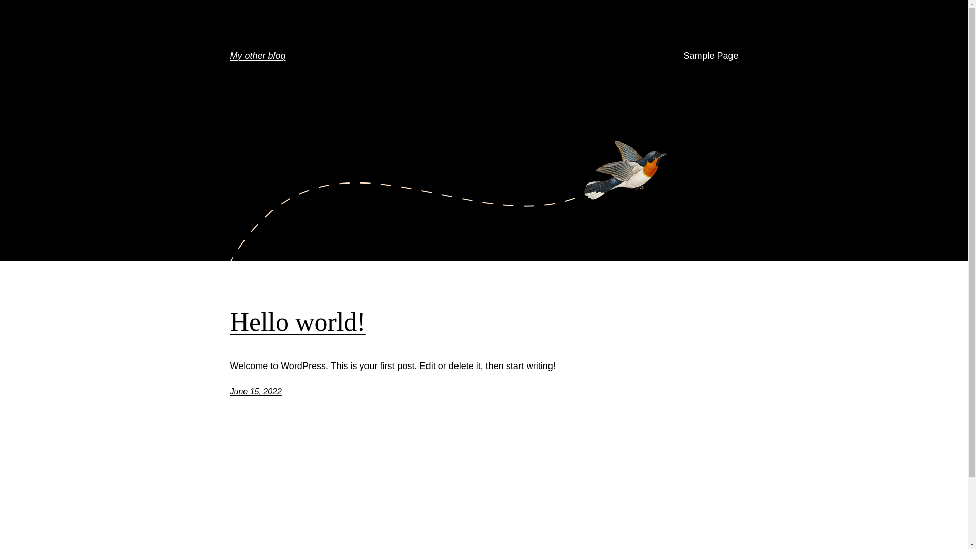  What do you see at coordinates (257, 56) in the screenshot?
I see `'My other blog'` at bounding box center [257, 56].